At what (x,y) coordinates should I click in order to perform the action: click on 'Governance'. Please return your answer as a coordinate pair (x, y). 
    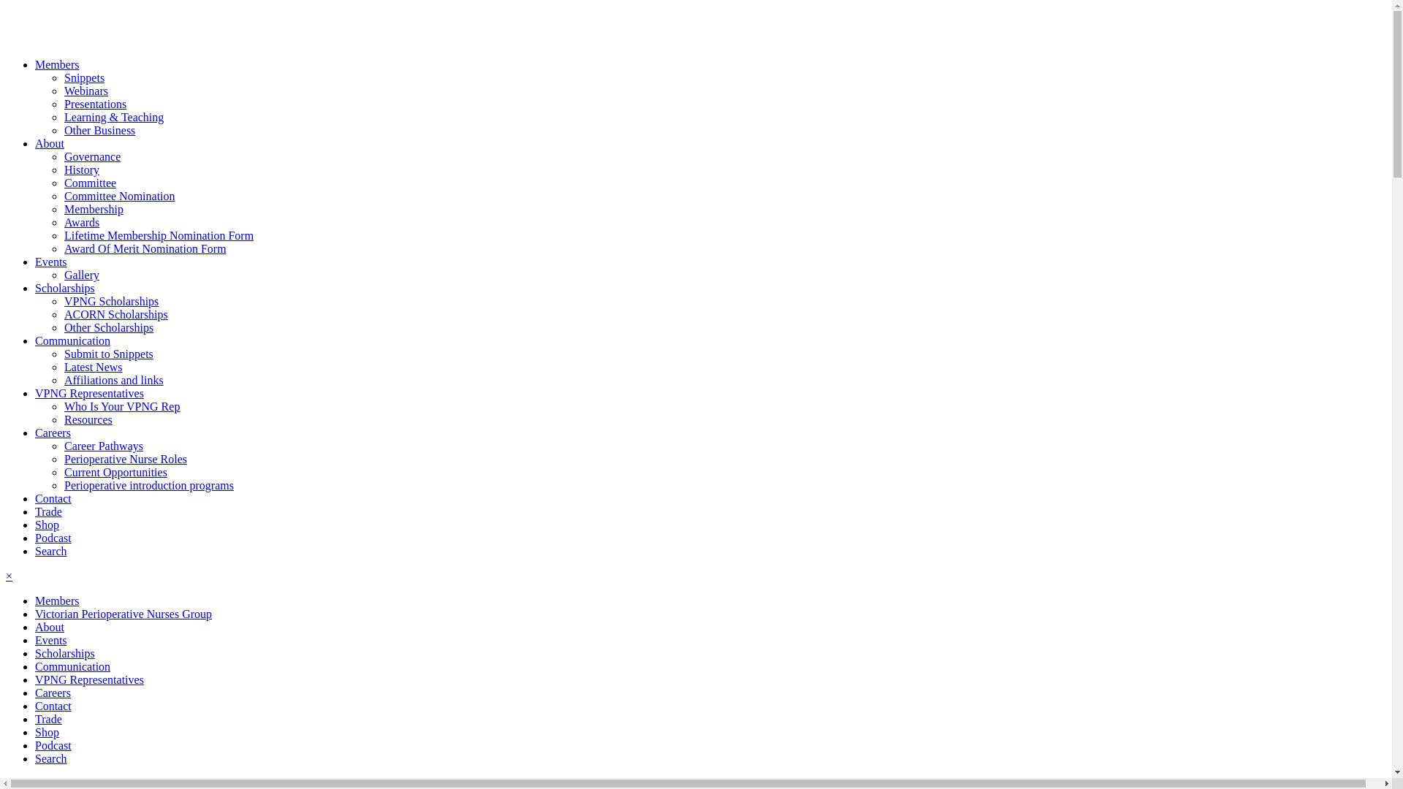
    Looking at the image, I should click on (91, 156).